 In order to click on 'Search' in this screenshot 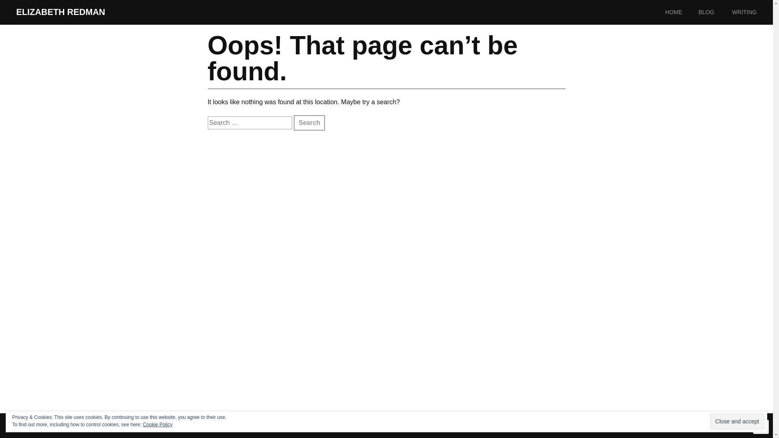, I will do `click(309, 123)`.